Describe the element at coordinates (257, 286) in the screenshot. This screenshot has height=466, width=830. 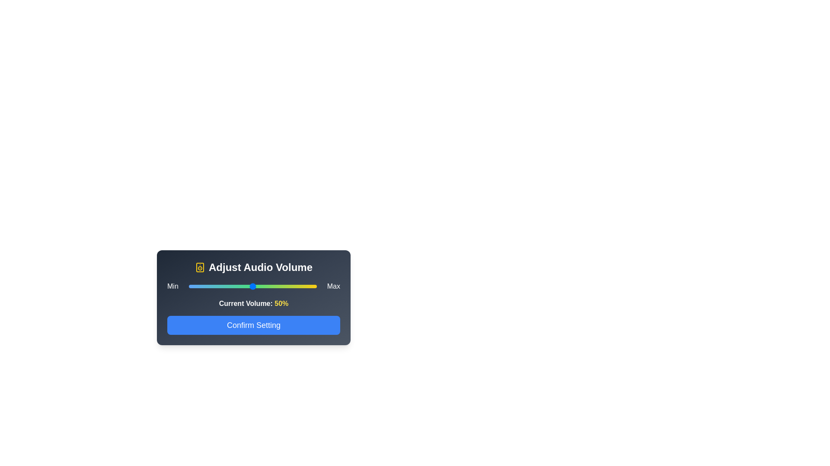
I see `the volume slider to 54%` at that location.